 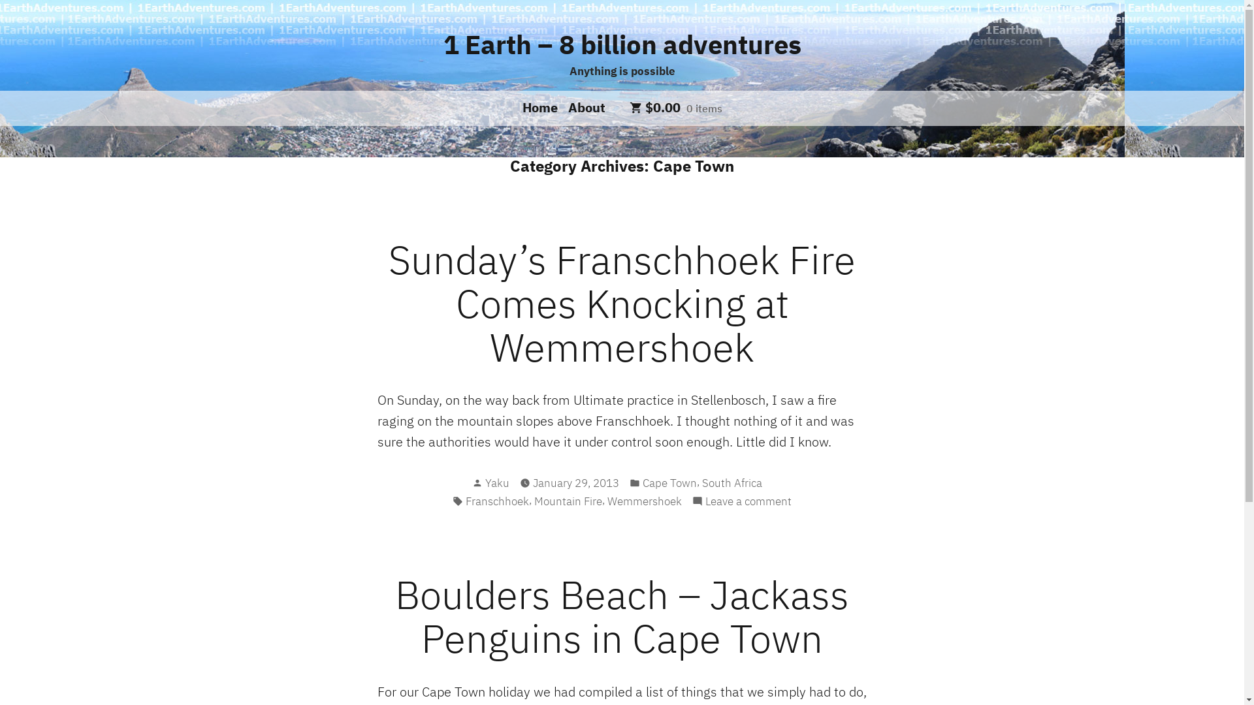 What do you see at coordinates (669, 483) in the screenshot?
I see `'Cape Town'` at bounding box center [669, 483].